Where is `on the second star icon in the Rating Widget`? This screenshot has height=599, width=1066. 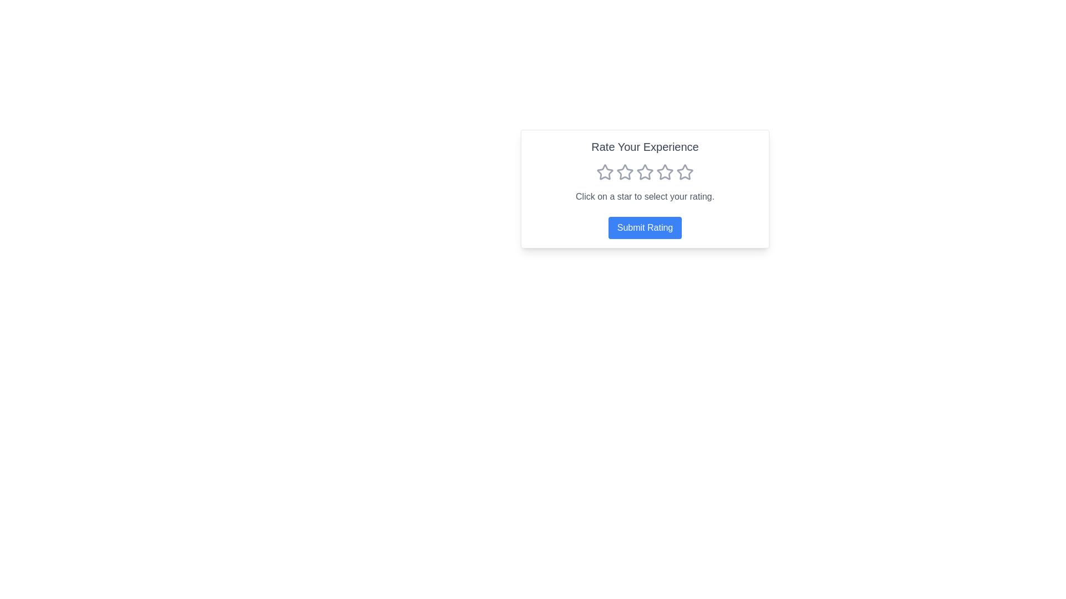
on the second star icon in the Rating Widget is located at coordinates (645, 172).